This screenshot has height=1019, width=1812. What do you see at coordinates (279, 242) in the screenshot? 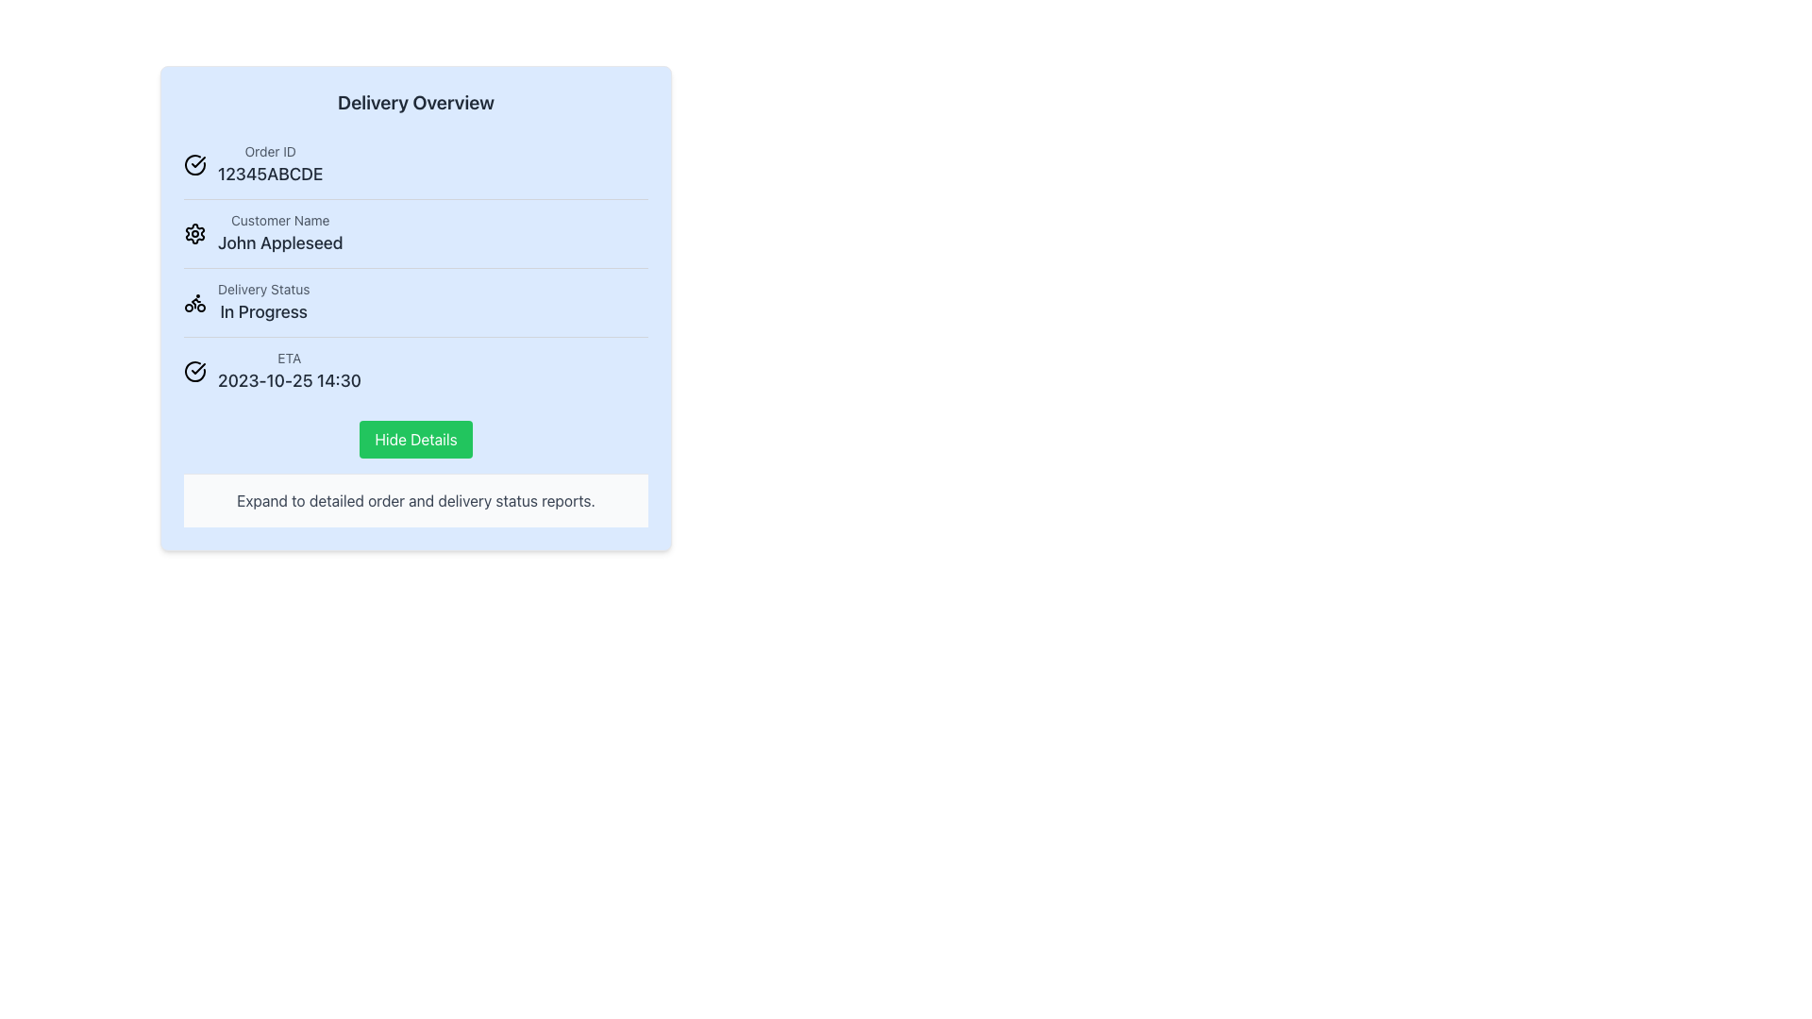
I see `the text label displaying 'John Appleseed', which is styled in bold dark gray and located beneath the 'Customer Name' label` at bounding box center [279, 242].